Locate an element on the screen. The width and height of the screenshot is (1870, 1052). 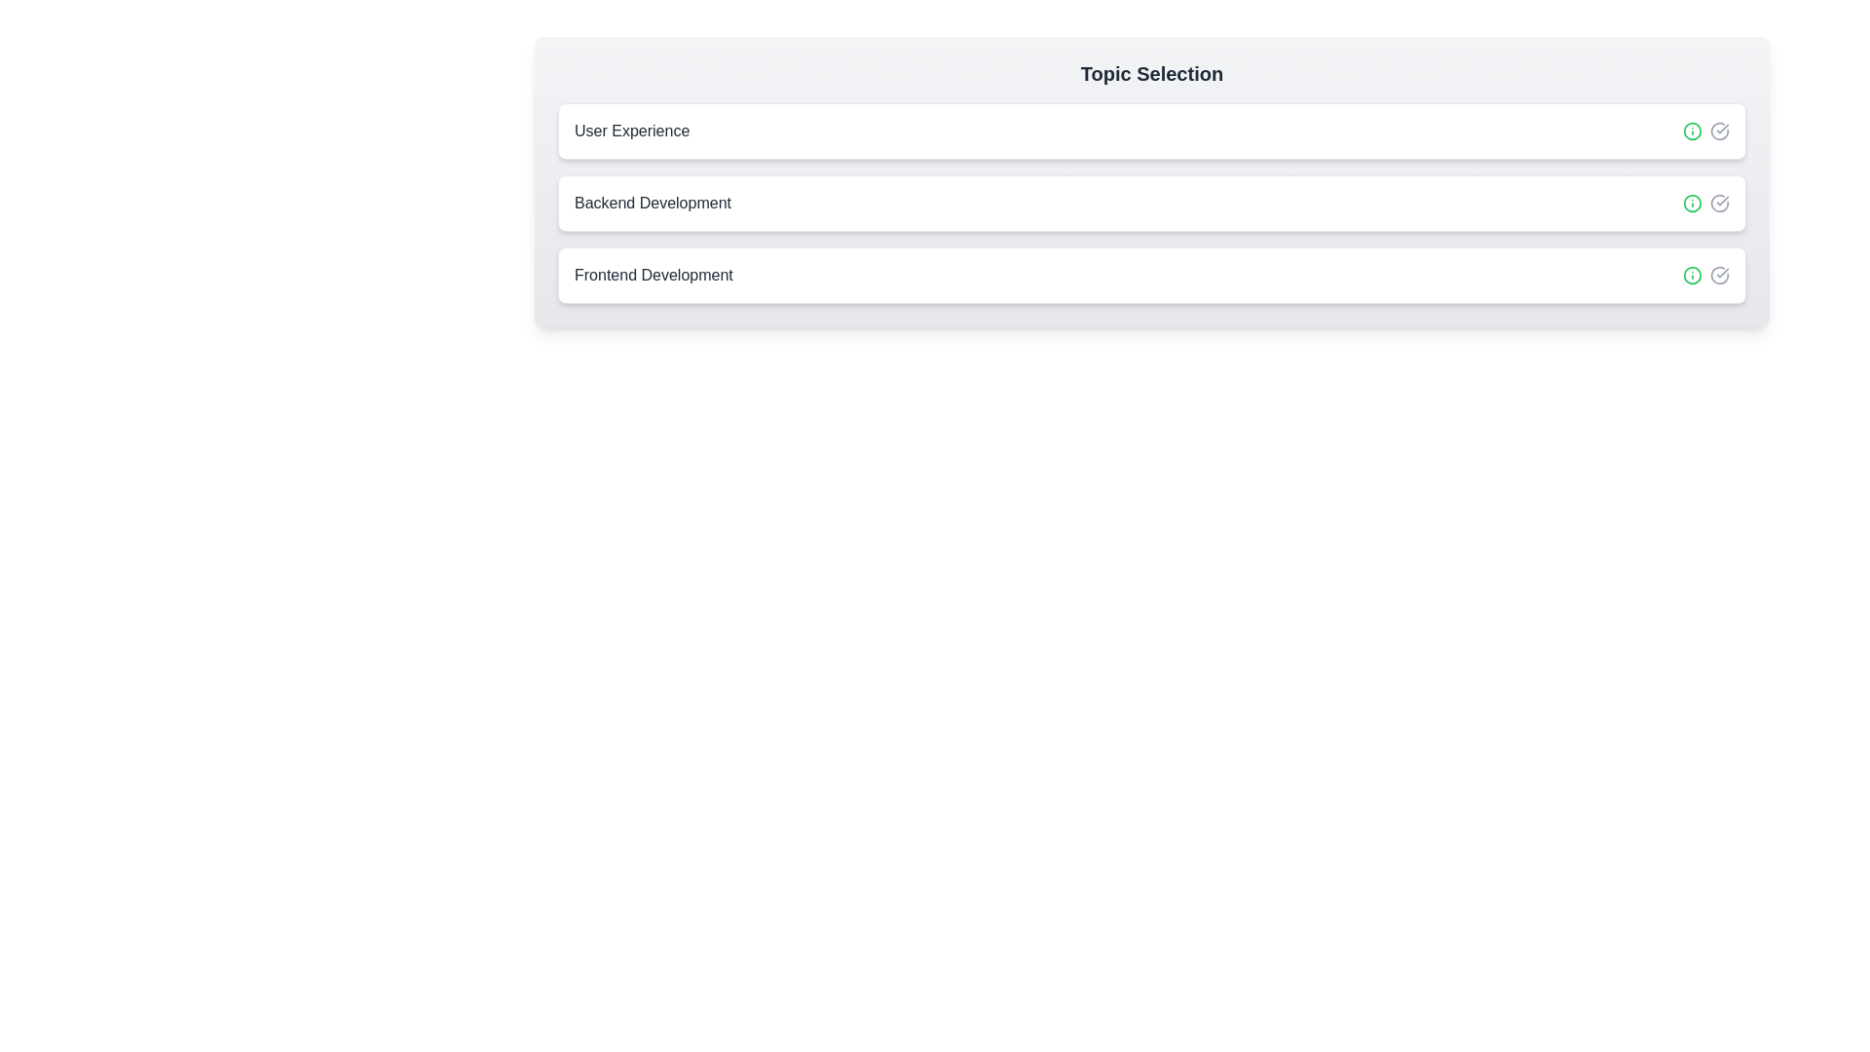
the chip labeled Backend Development to select it is located at coordinates (1151, 203).